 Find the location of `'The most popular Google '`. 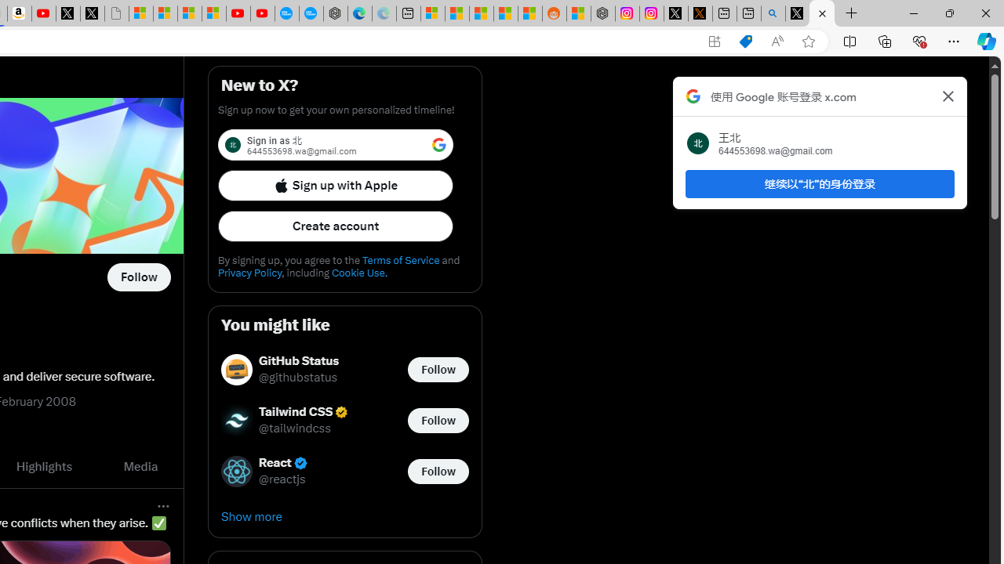

'The most popular Google ' is located at coordinates (311, 13).